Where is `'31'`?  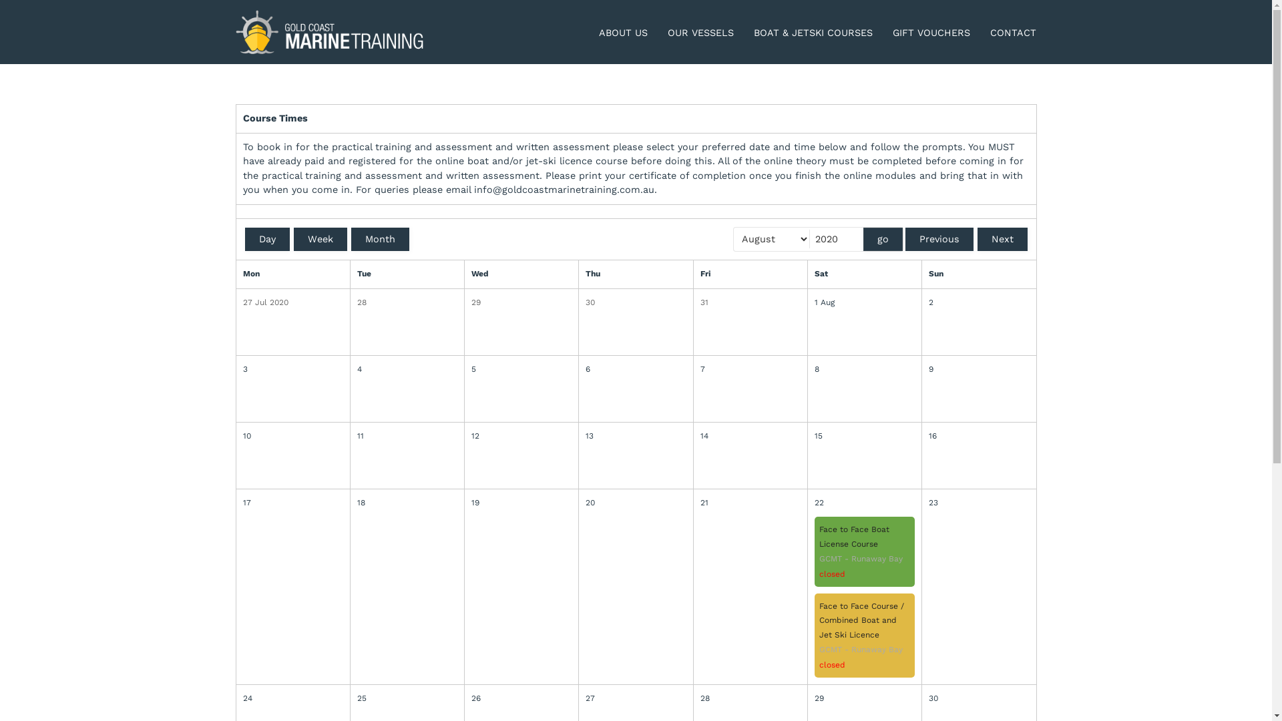
'31' is located at coordinates (750, 303).